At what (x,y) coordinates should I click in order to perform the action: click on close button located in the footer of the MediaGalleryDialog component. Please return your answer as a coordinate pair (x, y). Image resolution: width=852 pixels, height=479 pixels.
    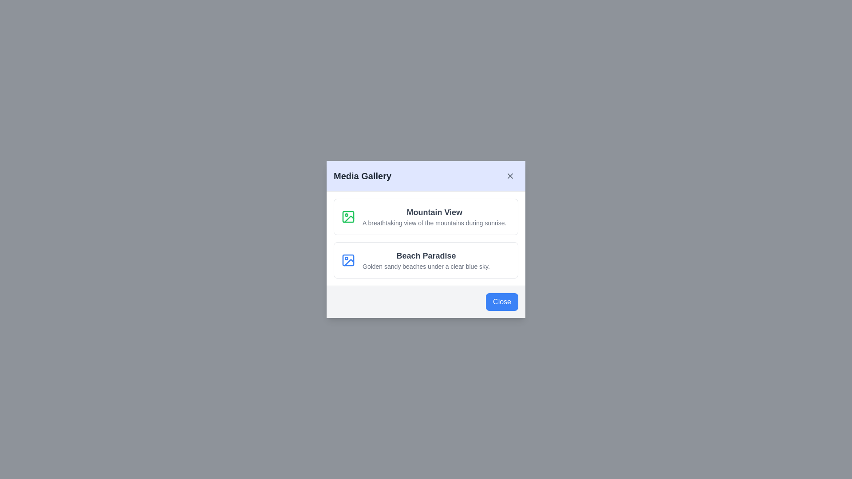
    Looking at the image, I should click on (502, 302).